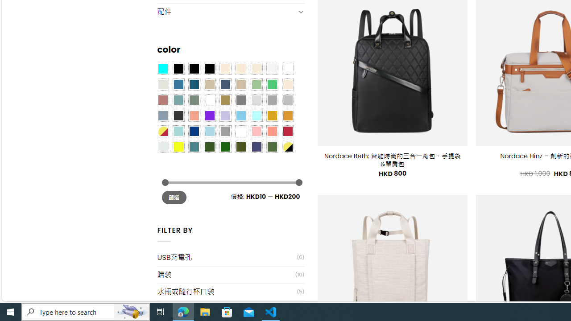 This screenshot has width=571, height=321. Describe the element at coordinates (162, 146) in the screenshot. I see `'Dull Nickle'` at that location.